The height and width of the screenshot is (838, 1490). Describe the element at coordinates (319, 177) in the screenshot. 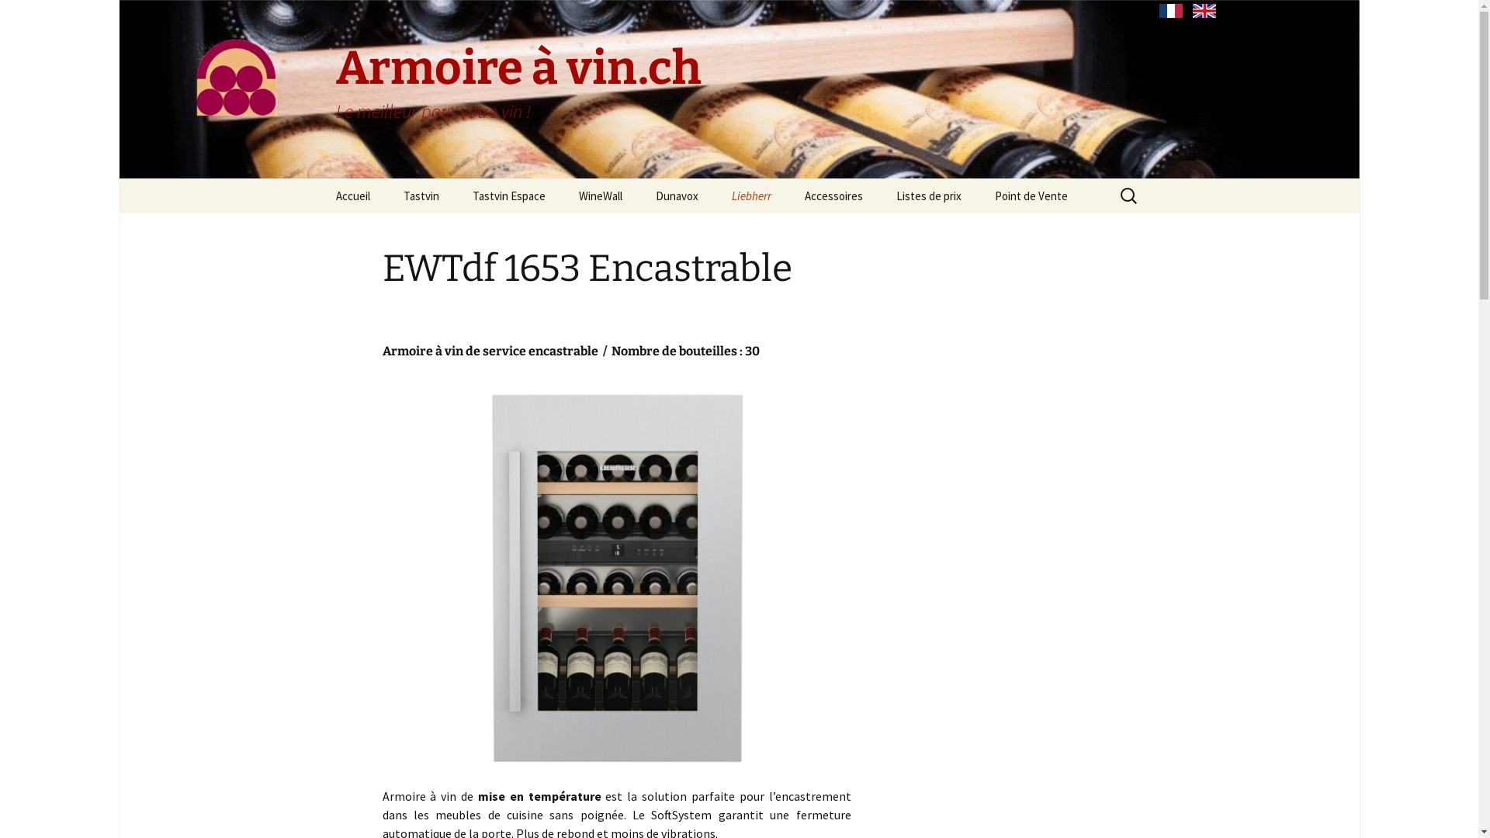

I see `'Aller au contenu principal'` at that location.